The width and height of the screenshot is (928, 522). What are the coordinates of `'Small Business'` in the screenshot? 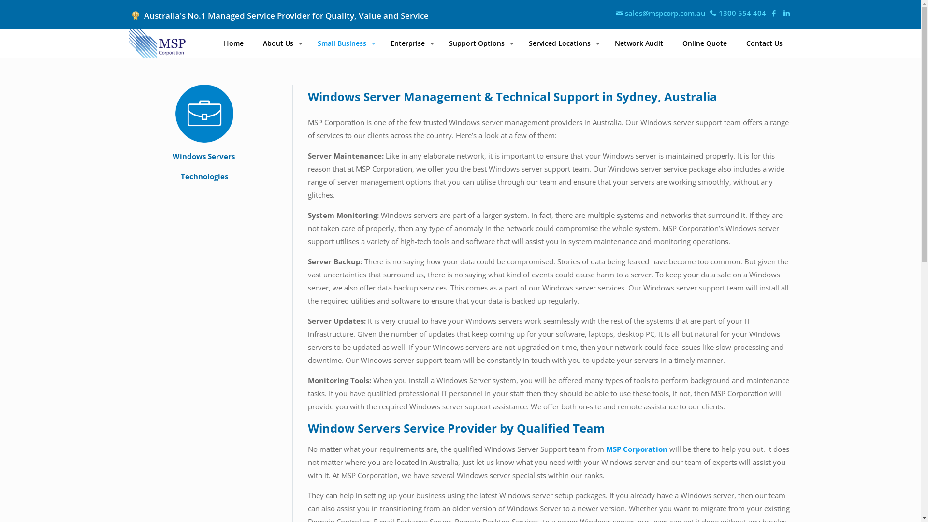 It's located at (306, 43).